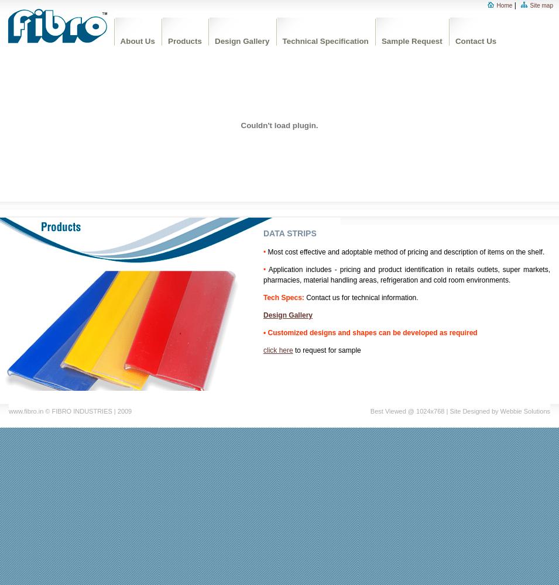  What do you see at coordinates (327, 350) in the screenshot?
I see `'to request for sample'` at bounding box center [327, 350].